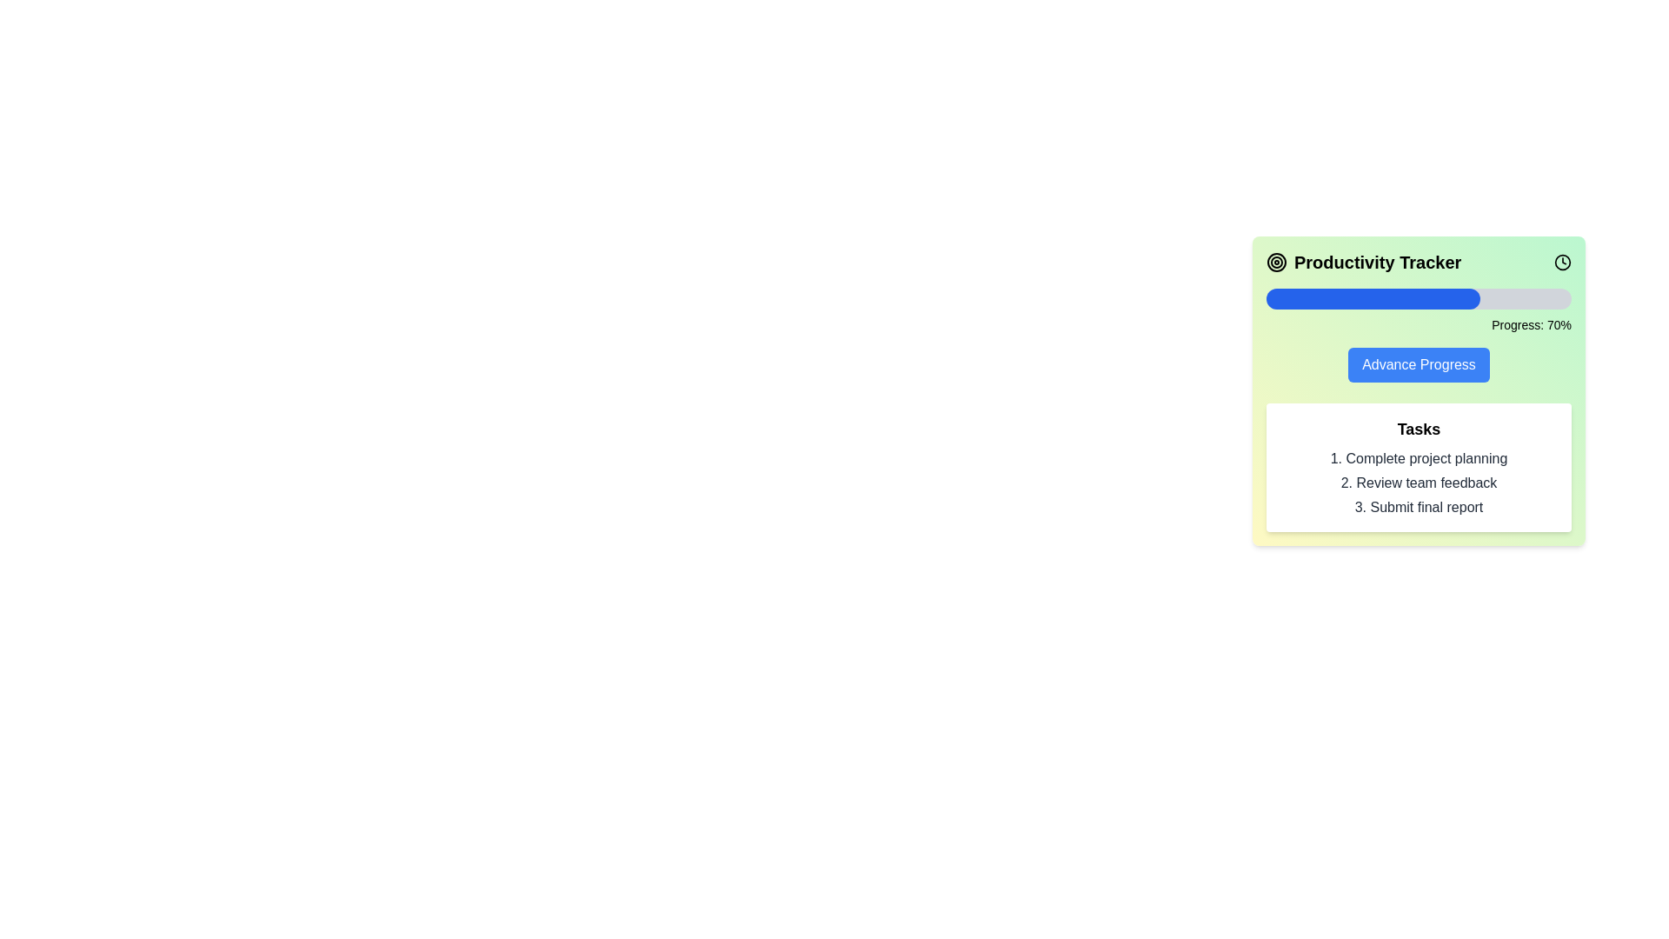 Image resolution: width=1669 pixels, height=939 pixels. I want to click on the second smallest circle within the target icon, which is part of the SVG graphic, located adjacent to the left of the 'Productivity Tracker' text in the upper left part of the card interface, so click(1276, 262).